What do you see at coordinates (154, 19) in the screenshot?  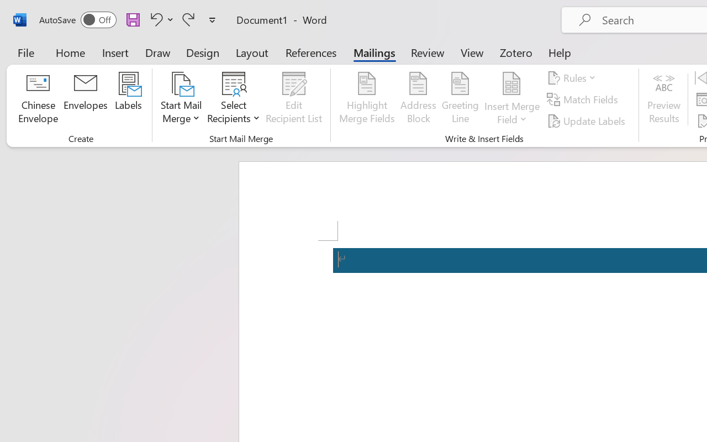 I see `'Undo Apply Quick Style Set'` at bounding box center [154, 19].